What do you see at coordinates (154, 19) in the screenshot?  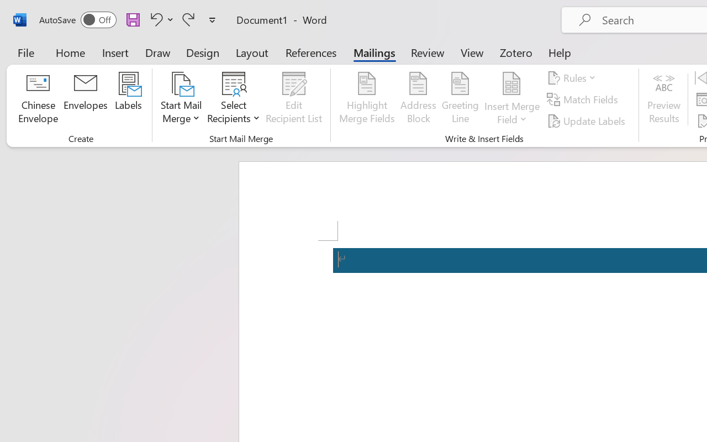 I see `'Undo Apply Quick Style Set'` at bounding box center [154, 19].